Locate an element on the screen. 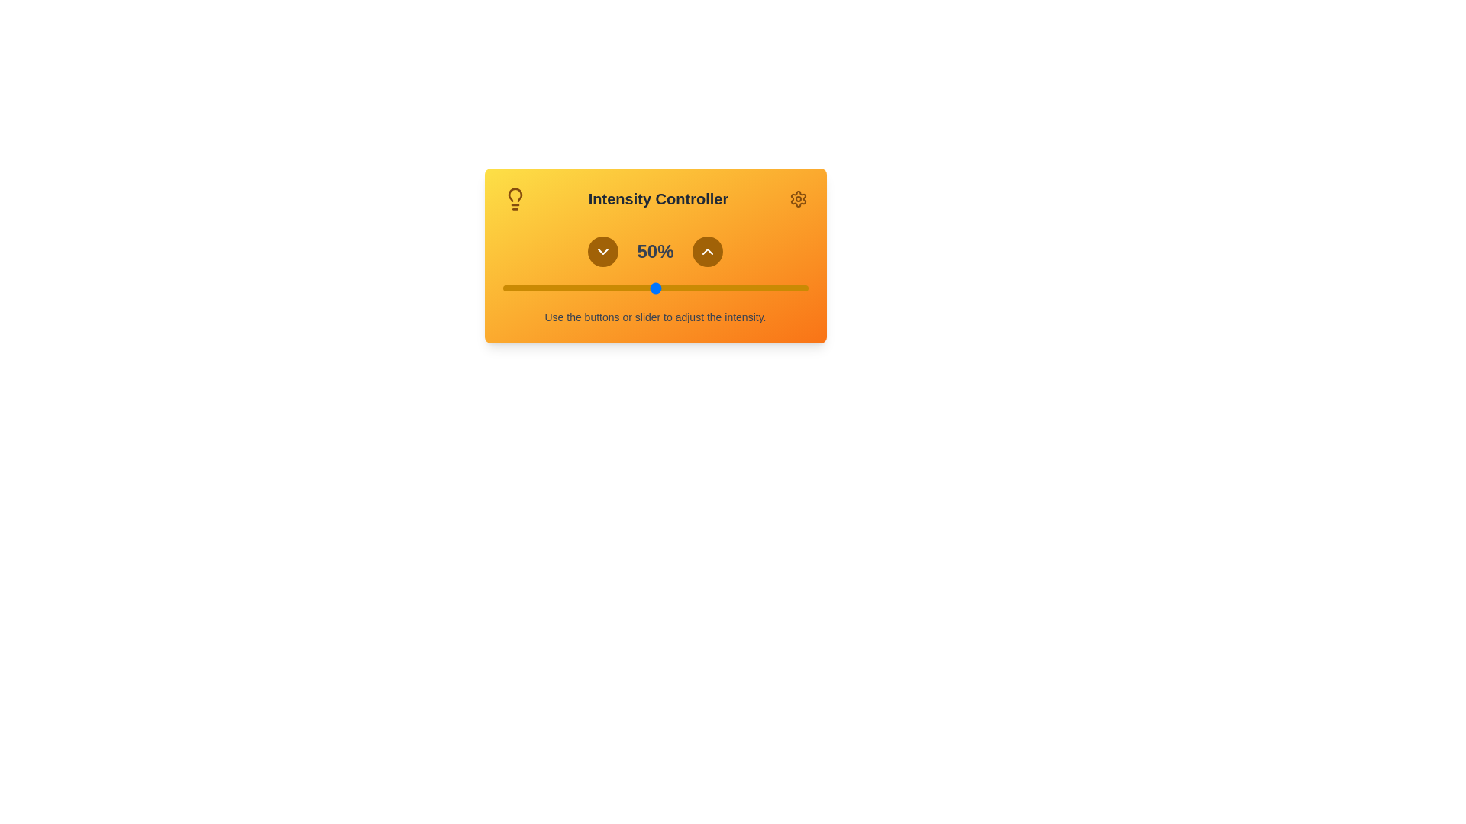  the intensity is located at coordinates (718, 288).